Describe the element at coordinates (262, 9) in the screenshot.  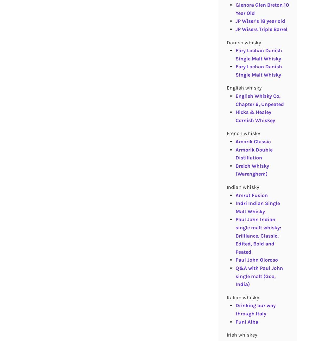
I see `'Glenora Glen Breton 10 Year Old'` at that location.